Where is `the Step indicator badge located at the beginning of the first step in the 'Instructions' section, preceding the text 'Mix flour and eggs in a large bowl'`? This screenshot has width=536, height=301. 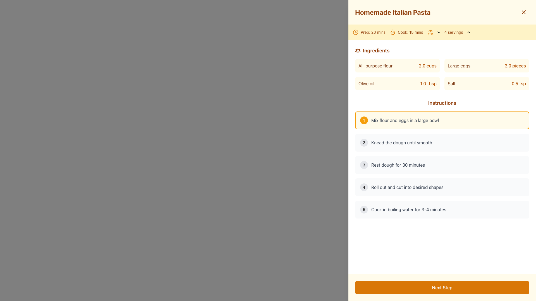 the Step indicator badge located at the beginning of the first step in the 'Instructions' section, preceding the text 'Mix flour and eggs in a large bowl' is located at coordinates (364, 120).